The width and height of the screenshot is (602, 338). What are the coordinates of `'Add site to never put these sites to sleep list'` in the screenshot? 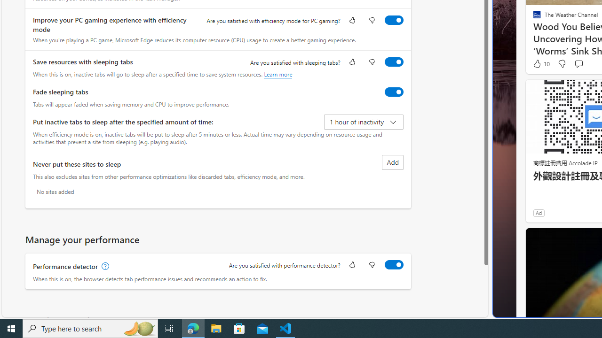 It's located at (392, 161).